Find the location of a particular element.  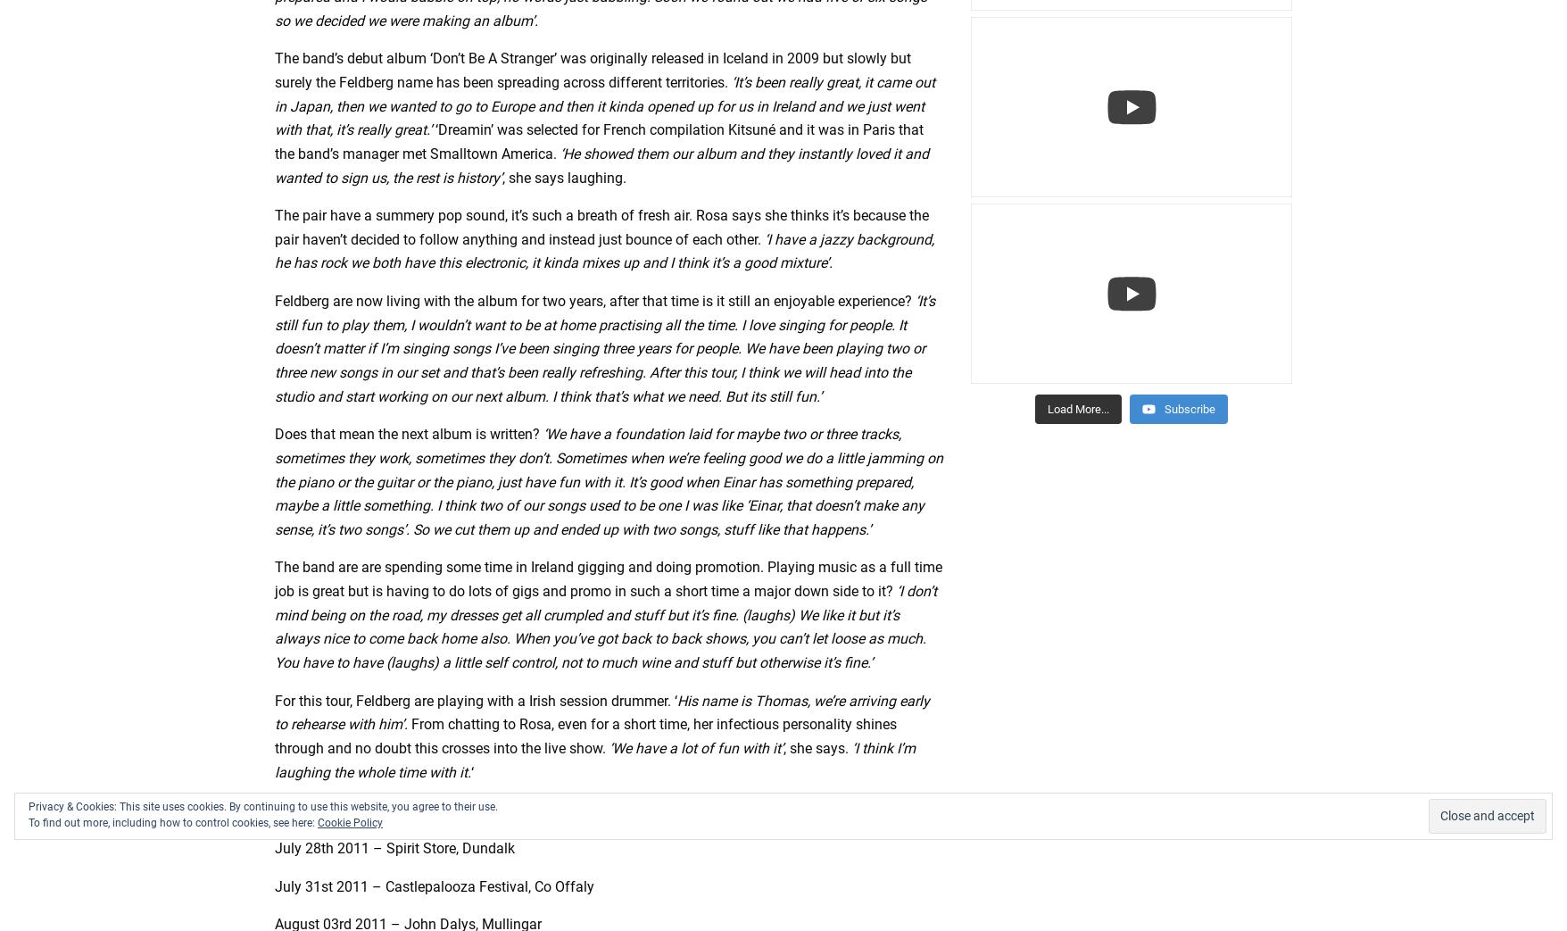

', she says laughing.' is located at coordinates (563, 176).